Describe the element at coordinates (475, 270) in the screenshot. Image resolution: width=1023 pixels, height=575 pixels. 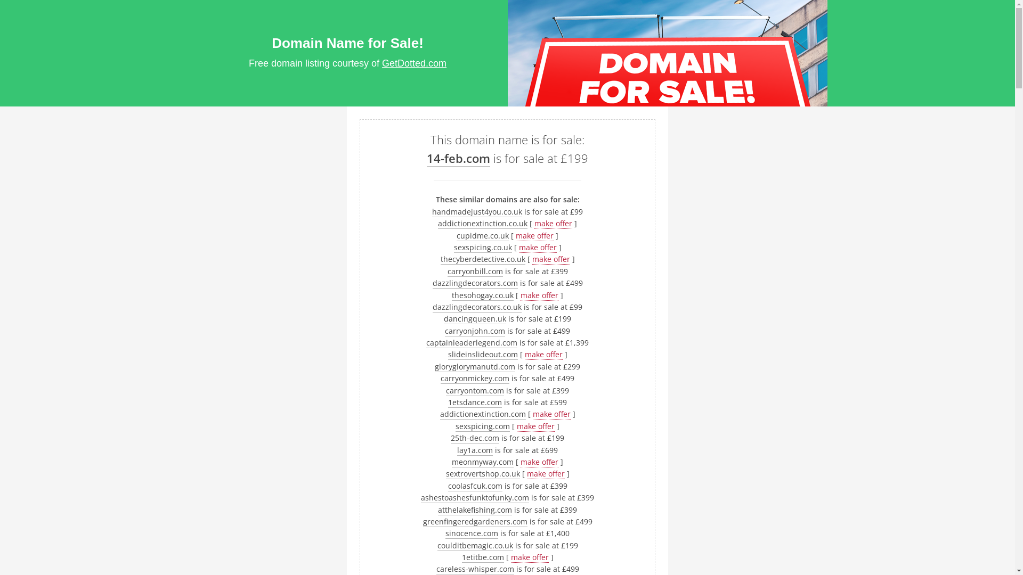
I see `'carryonbill.com'` at that location.